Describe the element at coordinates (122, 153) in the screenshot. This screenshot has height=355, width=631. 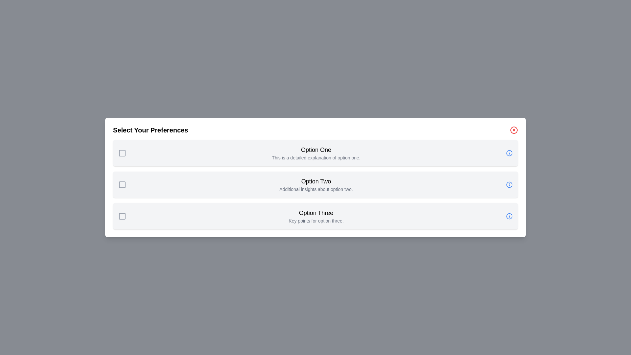
I see `the small square checkbox with a light gray border and blank white background located near the top-left corner of the 'Option One' section` at that location.